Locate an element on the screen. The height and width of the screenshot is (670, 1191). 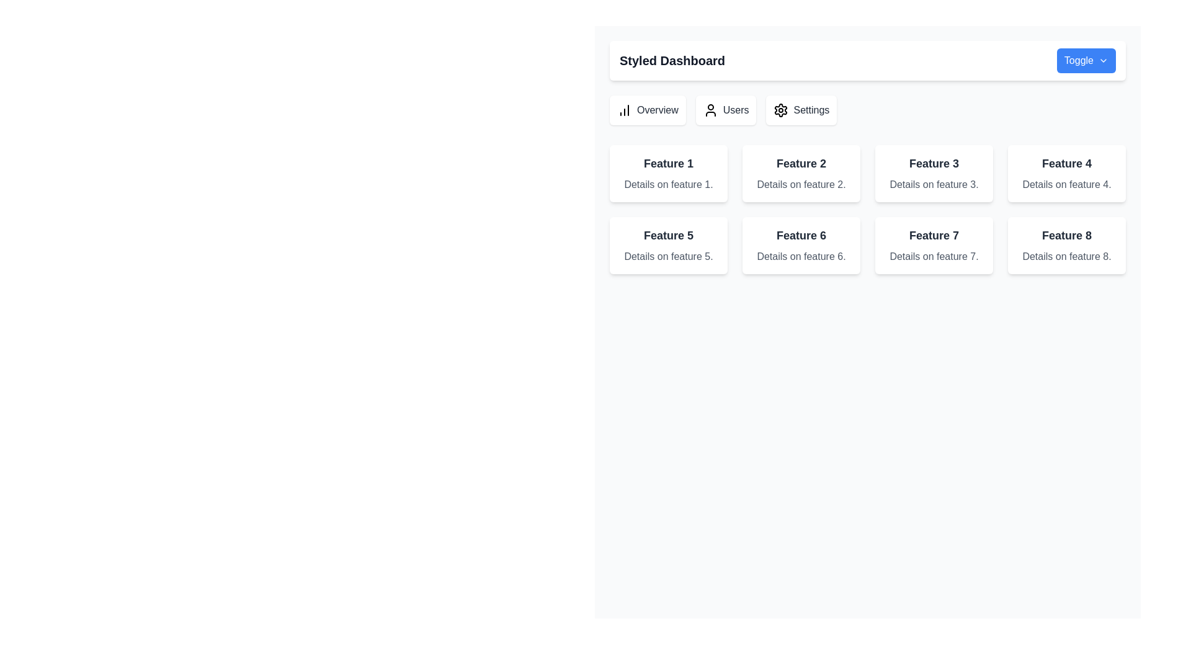
the user icon located in the 'Users' button group of the main navigation bar is located at coordinates (710, 109).